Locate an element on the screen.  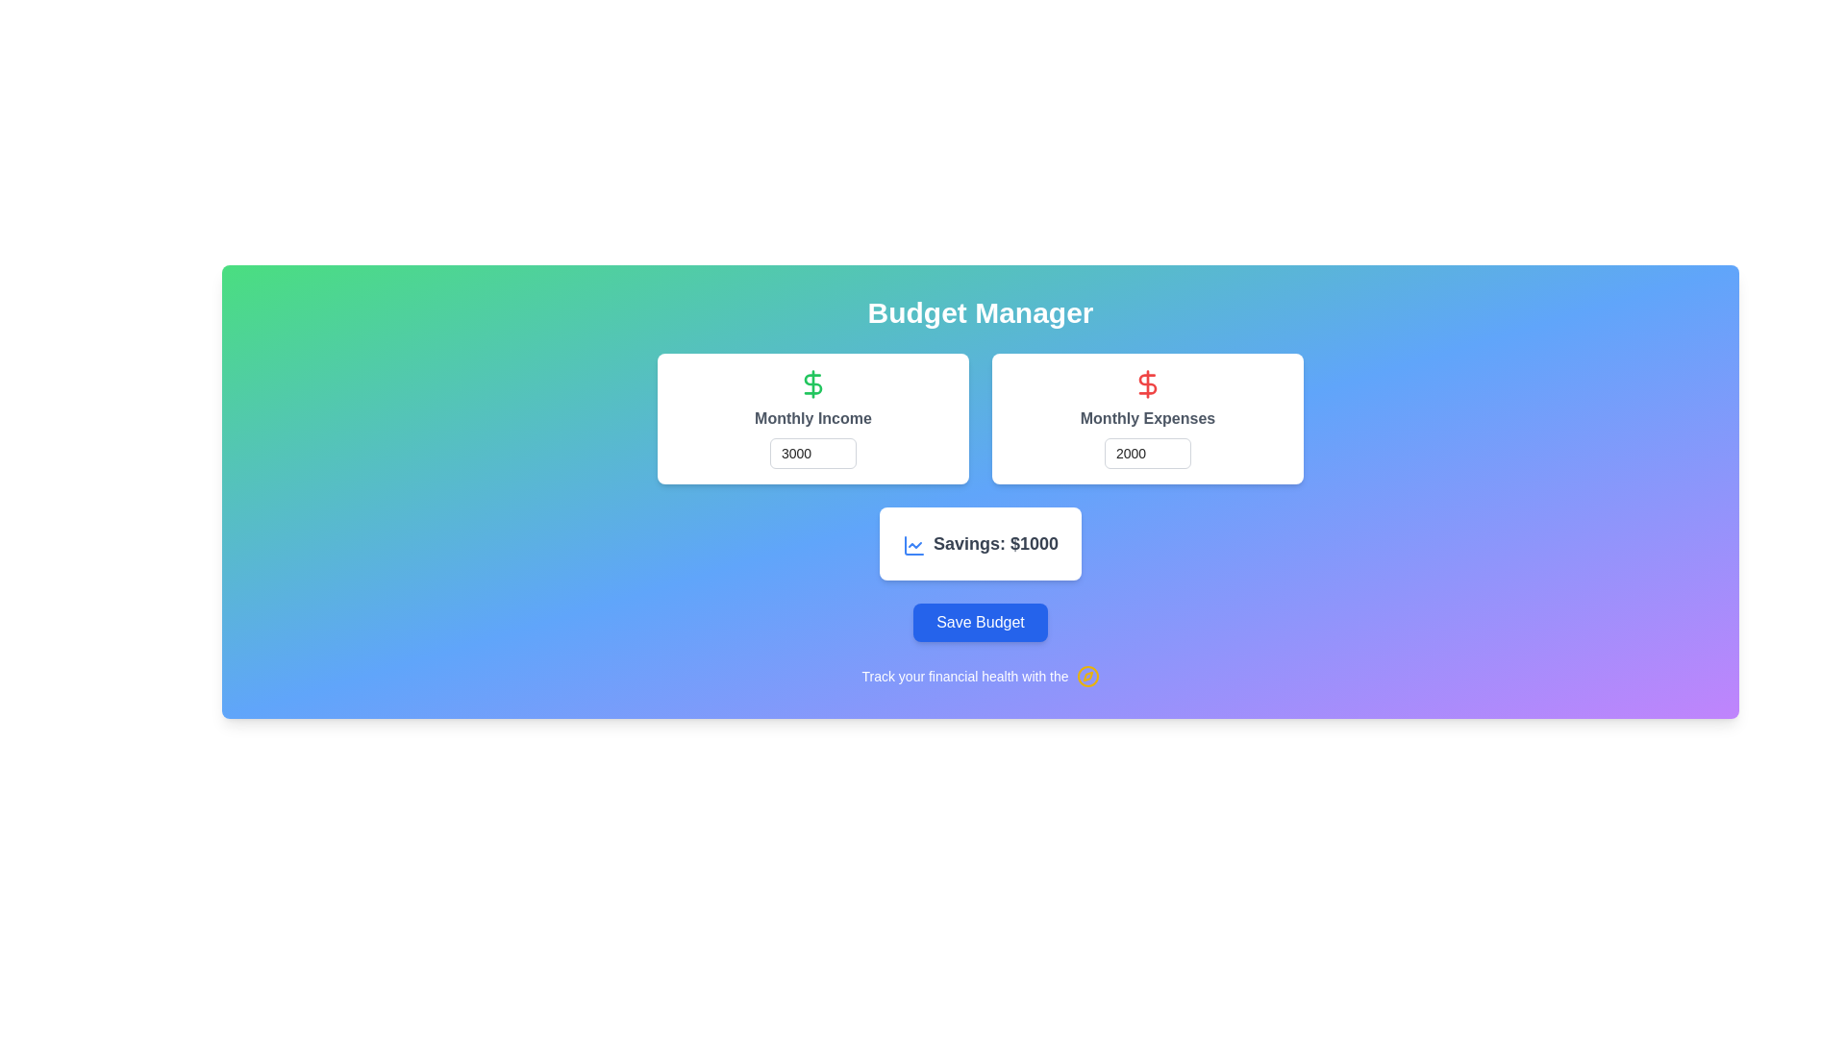
the compass icon located next to the motivational text label at the bottom of the 'Budget Manager' card is located at coordinates (980, 676).